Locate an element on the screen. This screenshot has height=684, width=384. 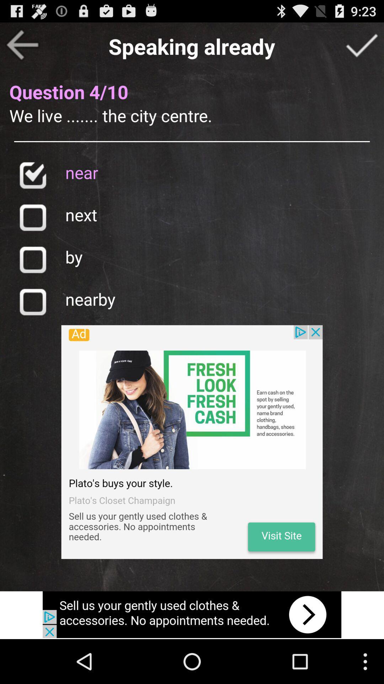
button is located at coordinates (32, 302).